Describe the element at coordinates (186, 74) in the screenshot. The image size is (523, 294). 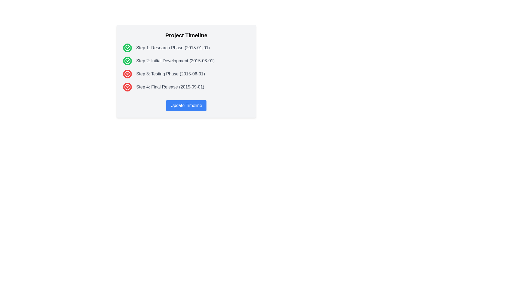
I see `the Text with Icon element representing 'Step 3: Testing Phase (2015-06-01)', which includes a red circular icon with an 'X' on the left and gray styled text on the right, positioned in a vertically aligned sequence` at that location.